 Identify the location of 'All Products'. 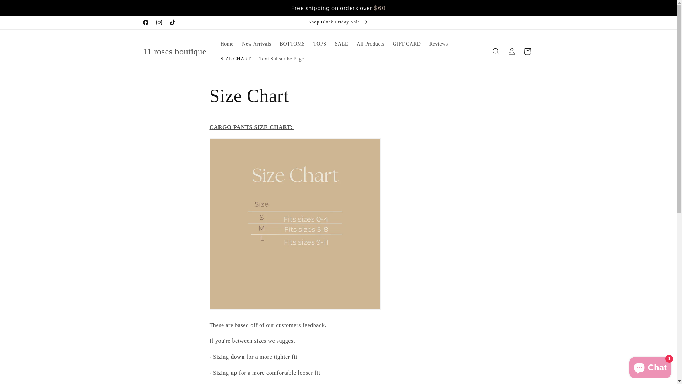
(370, 44).